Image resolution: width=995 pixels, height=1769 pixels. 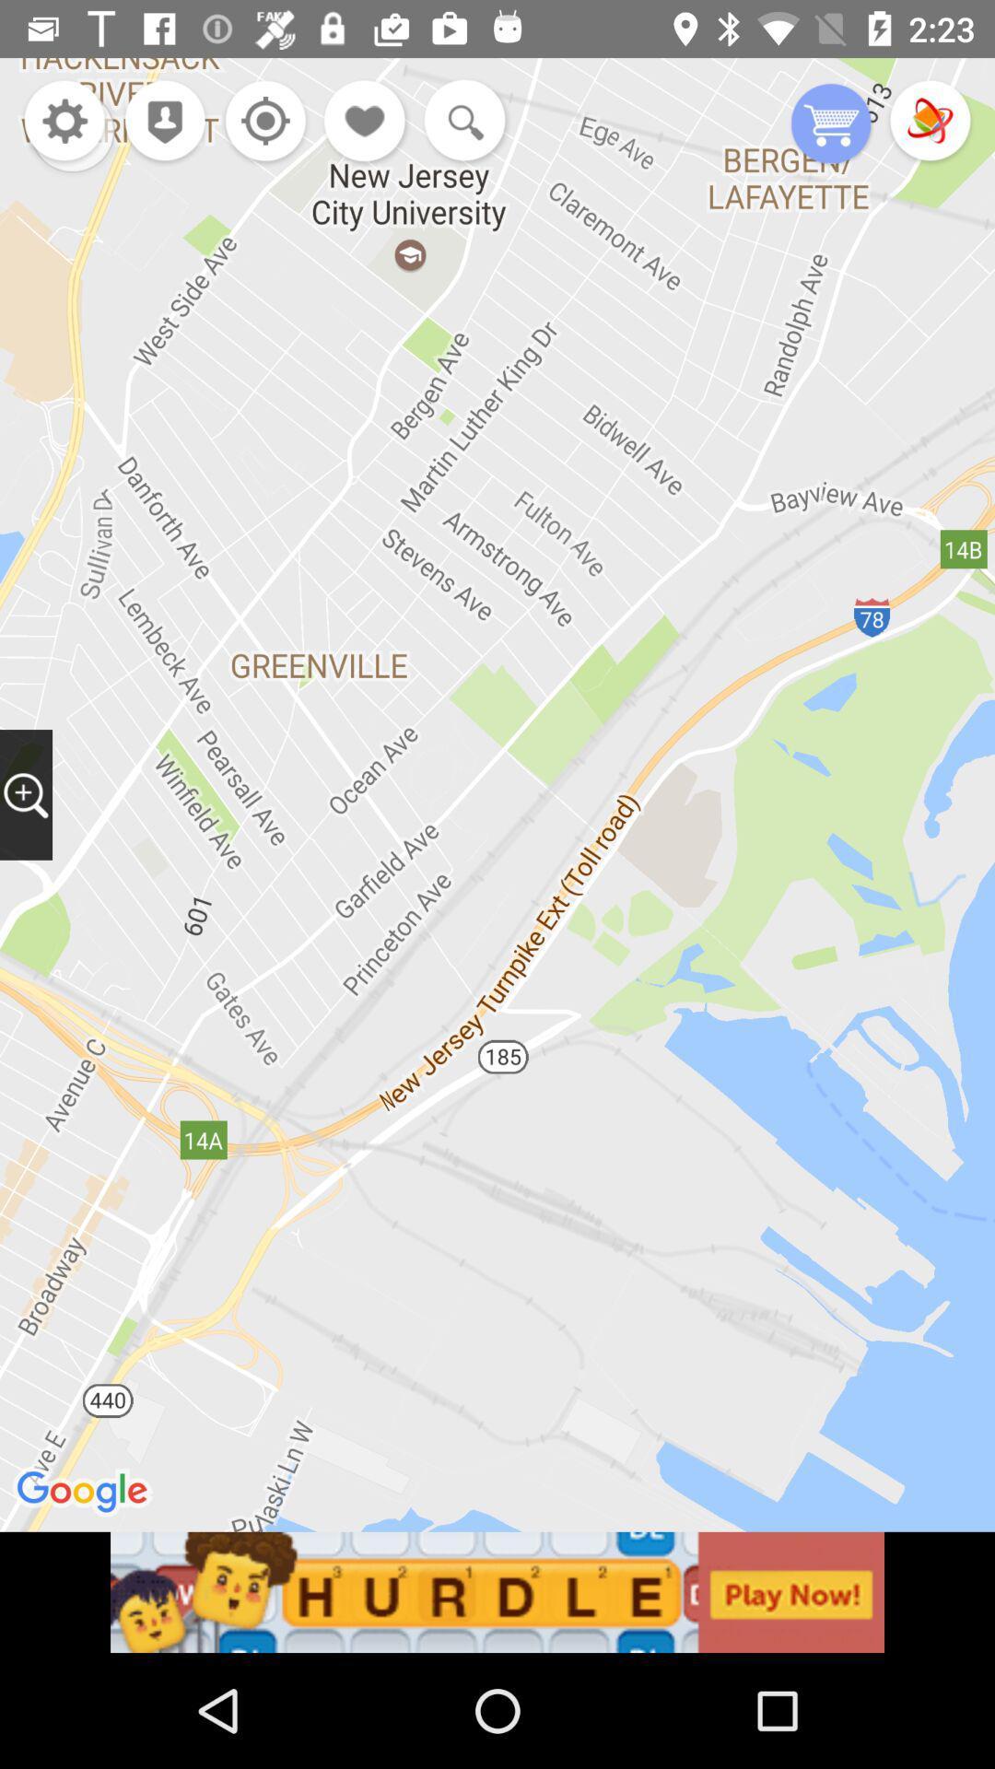 What do you see at coordinates (497, 1591) in the screenshot?
I see `advertisement banner` at bounding box center [497, 1591].